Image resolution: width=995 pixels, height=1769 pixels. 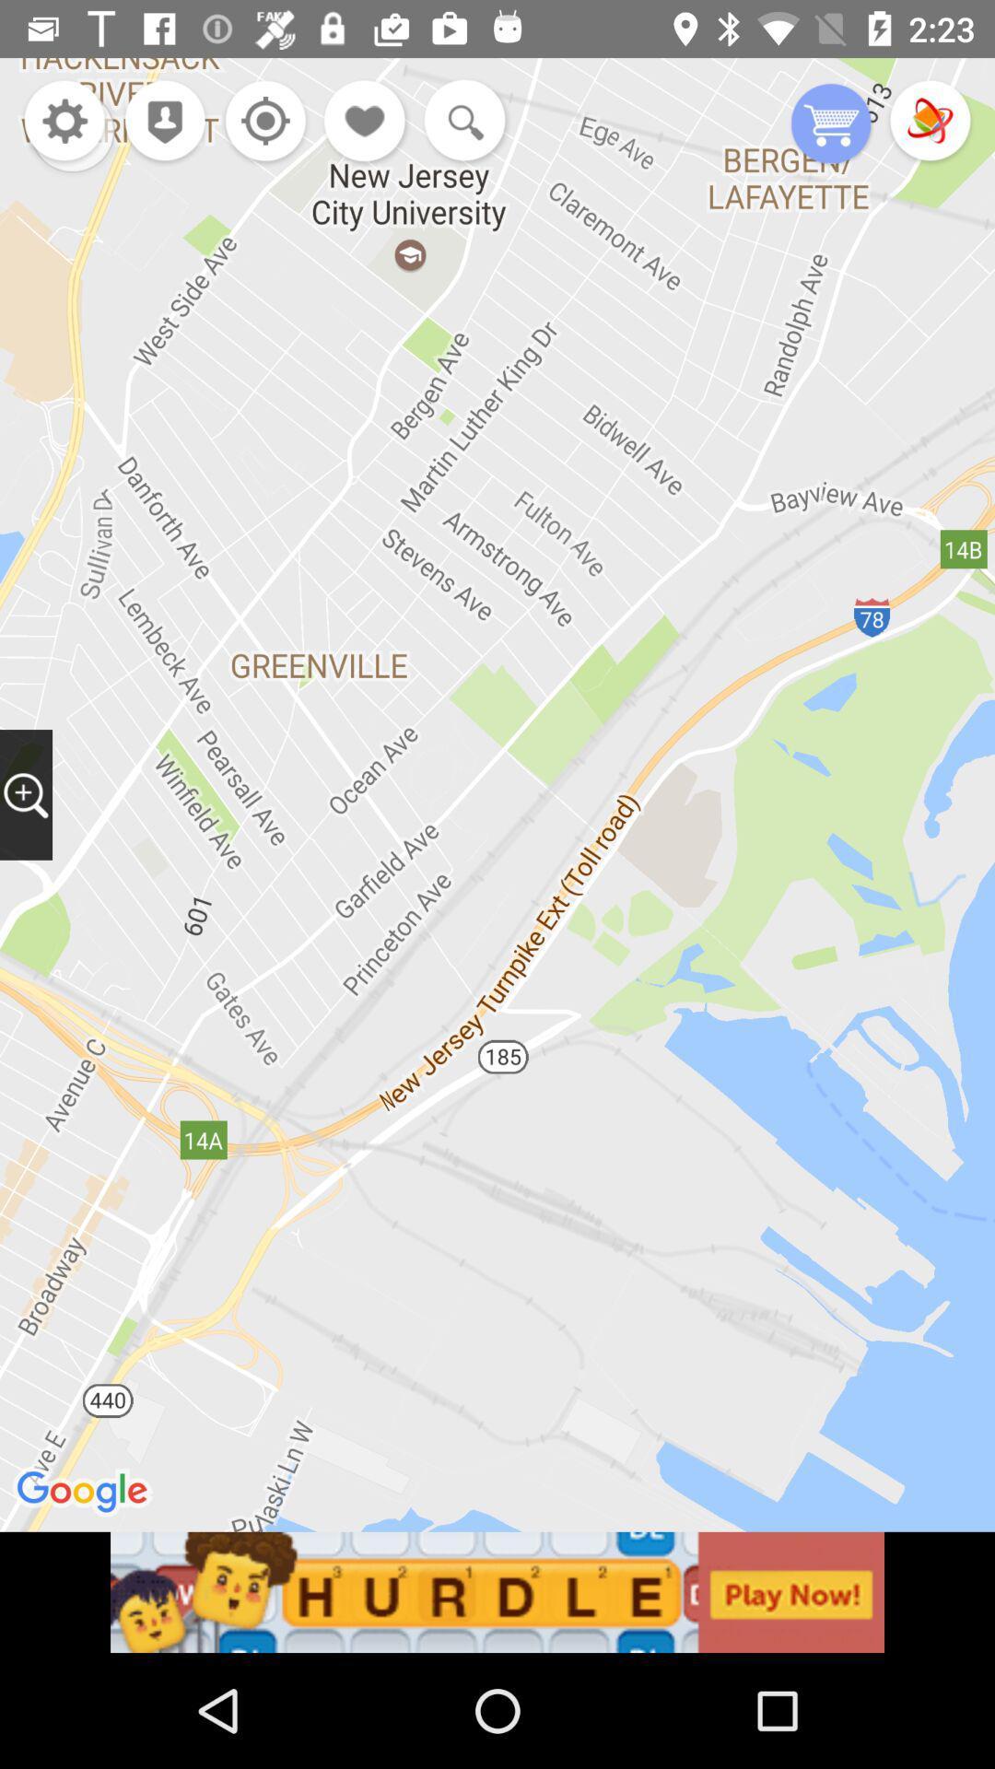 What do you see at coordinates (497, 1591) in the screenshot?
I see `advertisement banner` at bounding box center [497, 1591].